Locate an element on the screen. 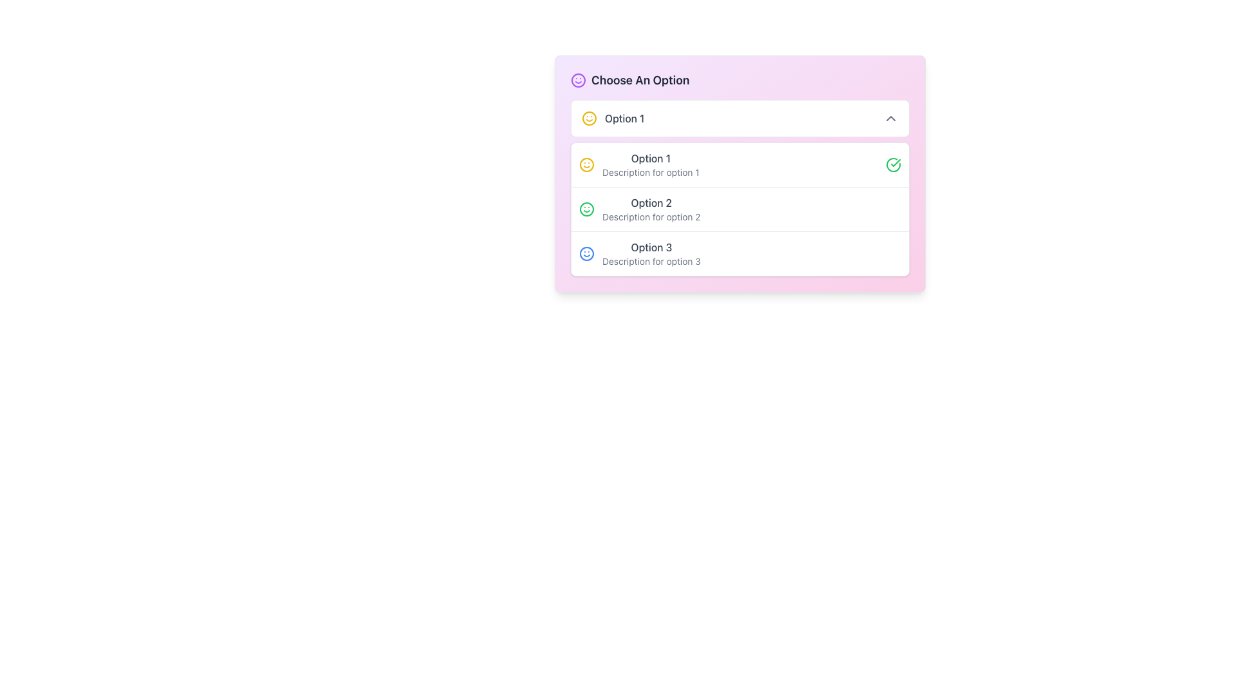  the purple smiling face icon located at the beginning of the 'Choose An Option' section is located at coordinates (577, 80).